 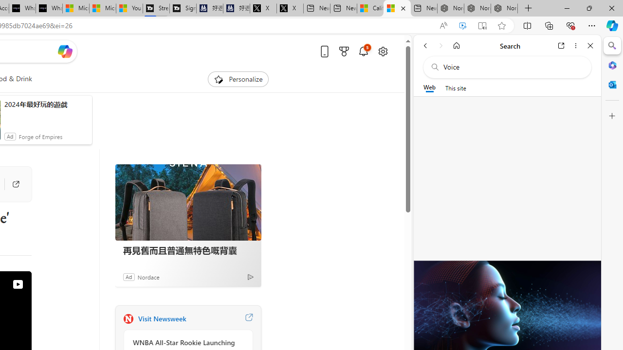 What do you see at coordinates (570, 25) in the screenshot?
I see `'Browser essentials'` at bounding box center [570, 25].